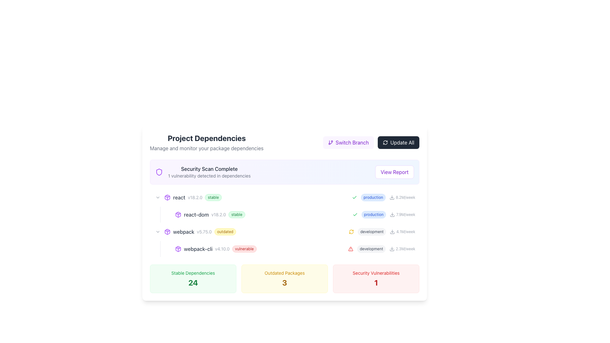  I want to click on the label with the text 'production' that has a light blue background and is part of the 'Project Dependencies' interface under the 'react-dom v18.2.0 stable' section, so click(374, 214).